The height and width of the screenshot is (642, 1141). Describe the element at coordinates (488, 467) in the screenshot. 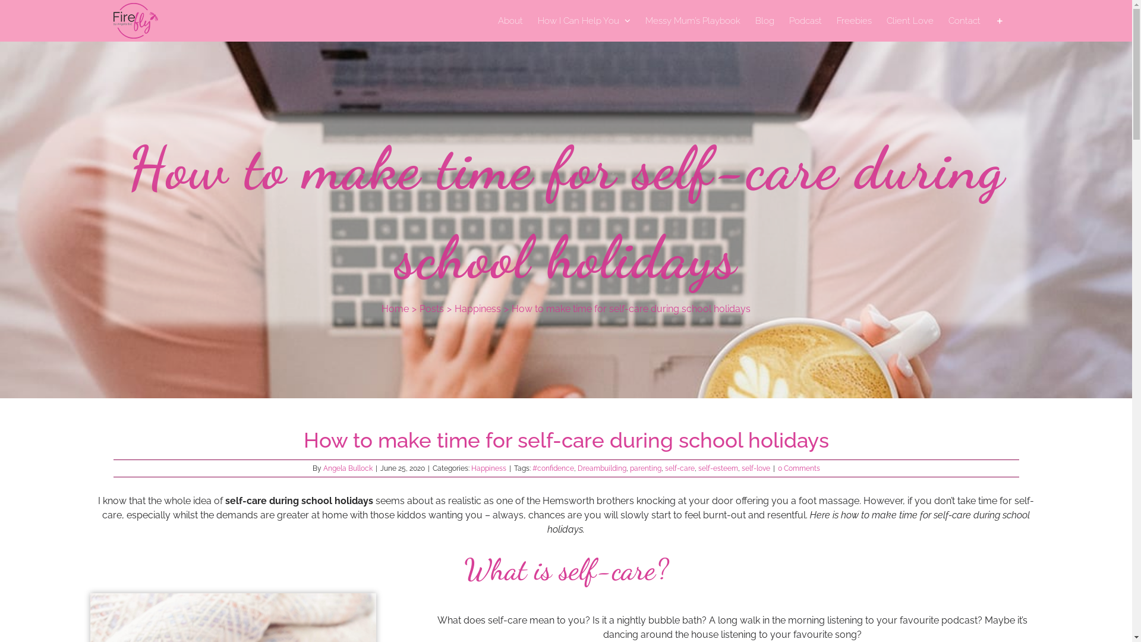

I see `'Happiness'` at that location.